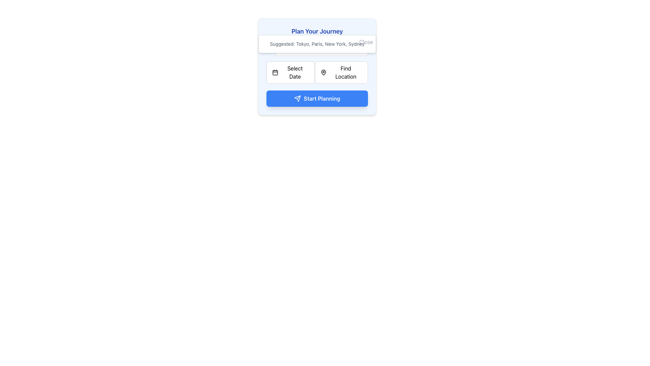 The width and height of the screenshot is (650, 366). Describe the element at coordinates (317, 44) in the screenshot. I see `one of the suggested popular destinations listed in the Informational panel located below the 'Plan Your Journey' heading` at that location.